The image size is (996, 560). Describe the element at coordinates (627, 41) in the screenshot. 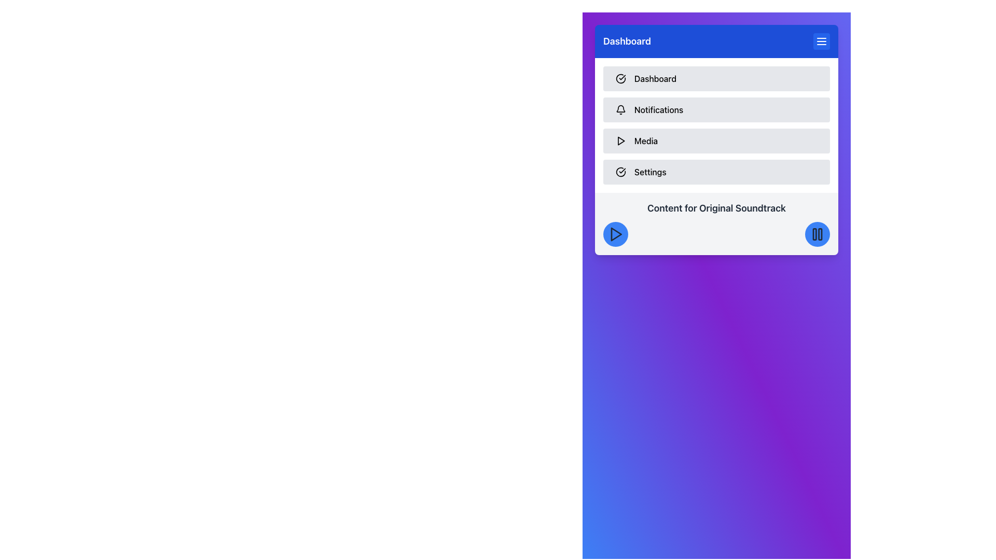

I see `the bold text label displaying 'Dashboard' located at the top left of the blue banner in the interface` at that location.